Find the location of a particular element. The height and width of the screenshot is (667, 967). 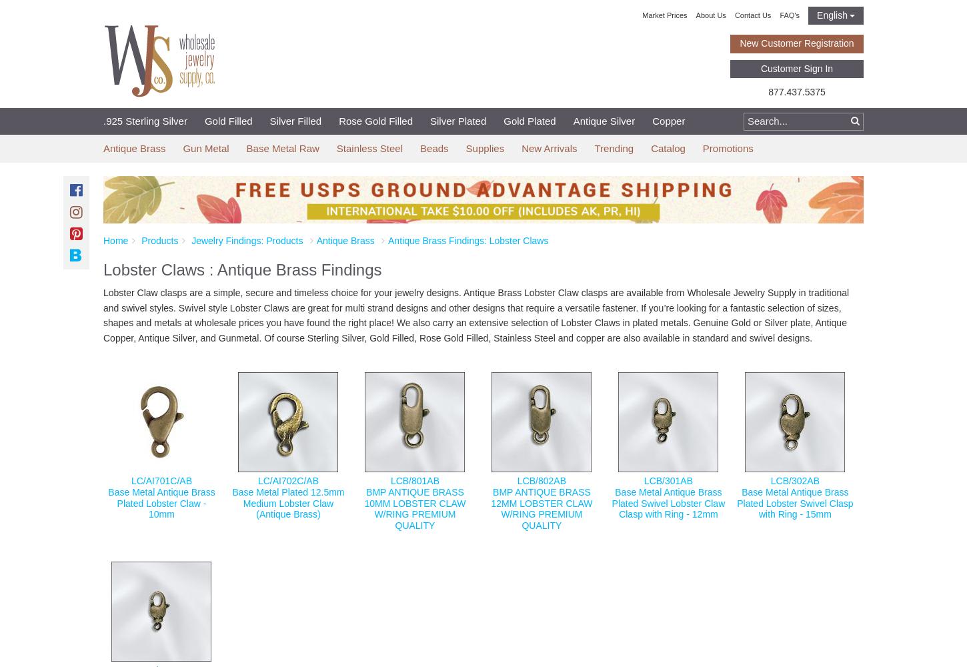

'Base Metal Antique Brass Plated Lobster Claw - 10mm' is located at coordinates (161, 503).